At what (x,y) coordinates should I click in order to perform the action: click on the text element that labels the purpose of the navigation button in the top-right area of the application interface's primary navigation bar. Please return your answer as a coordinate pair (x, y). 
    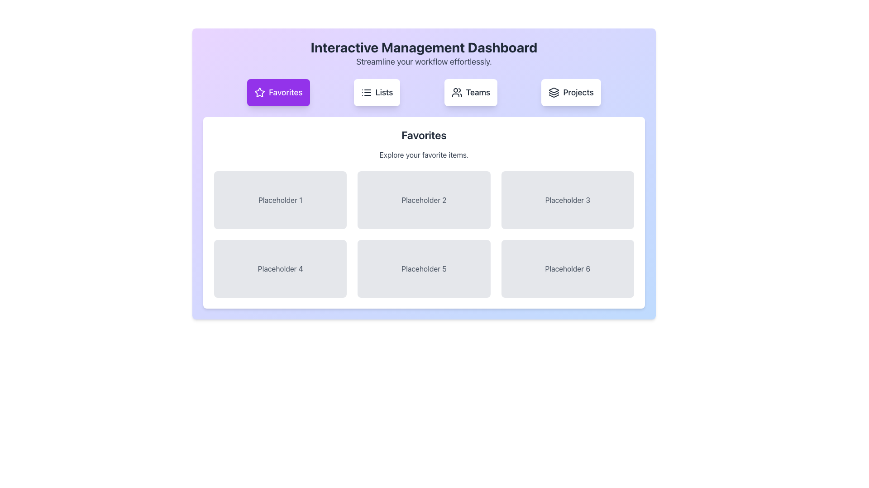
    Looking at the image, I should click on (578, 92).